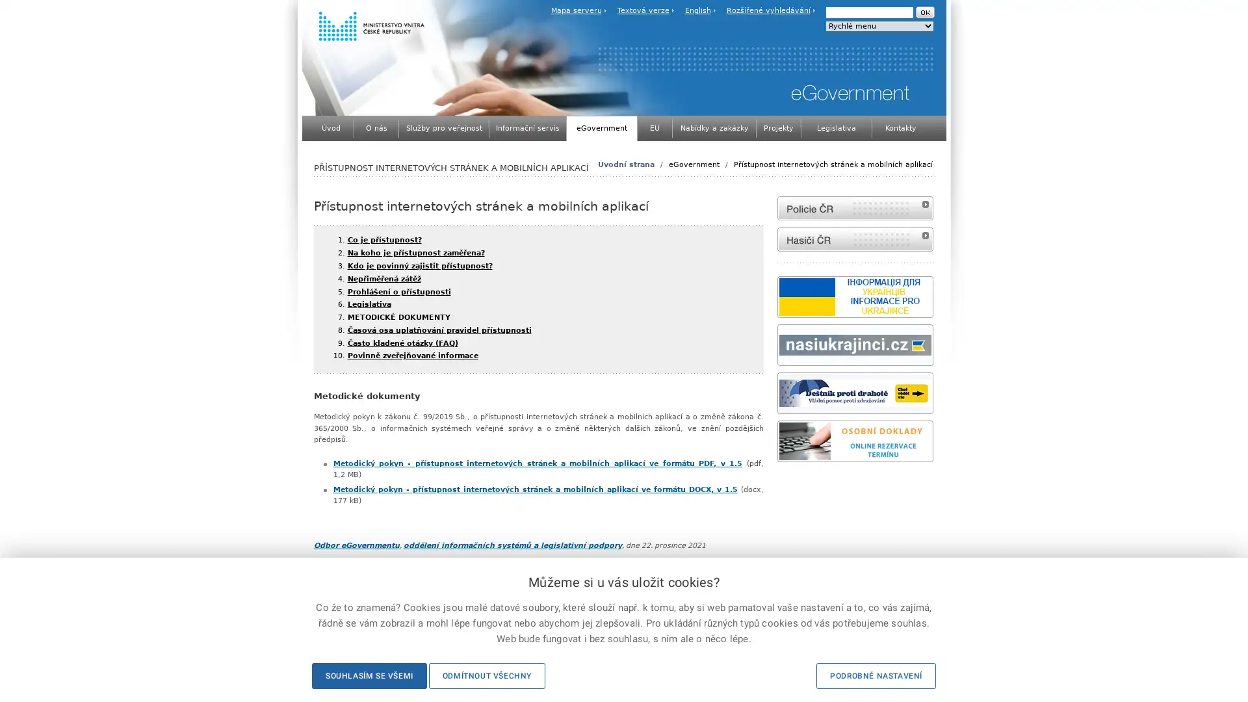 This screenshot has width=1248, height=702. What do you see at coordinates (486, 675) in the screenshot?
I see `ODMITNOUT VSECHNY` at bounding box center [486, 675].